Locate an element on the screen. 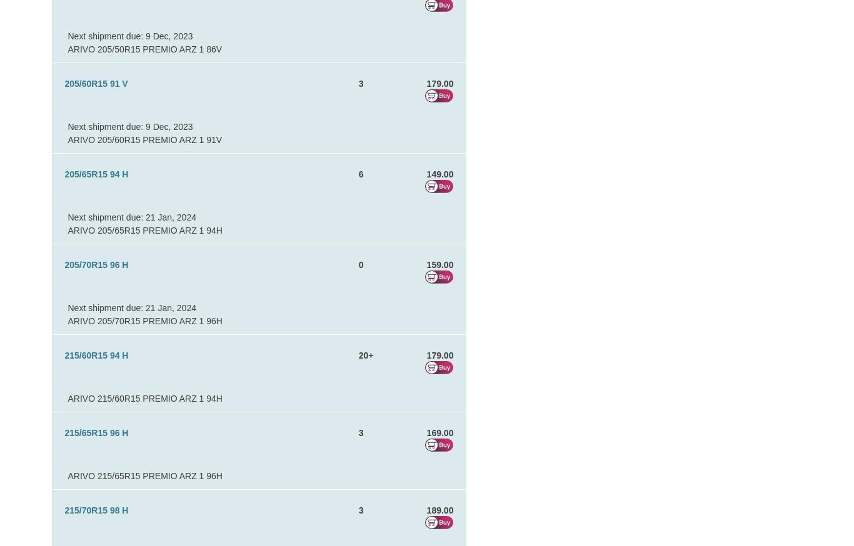 This screenshot has height=546, width=854. 'ARIVO 205/70R15 PREMIO ARZ 1 96H' is located at coordinates (144, 320).